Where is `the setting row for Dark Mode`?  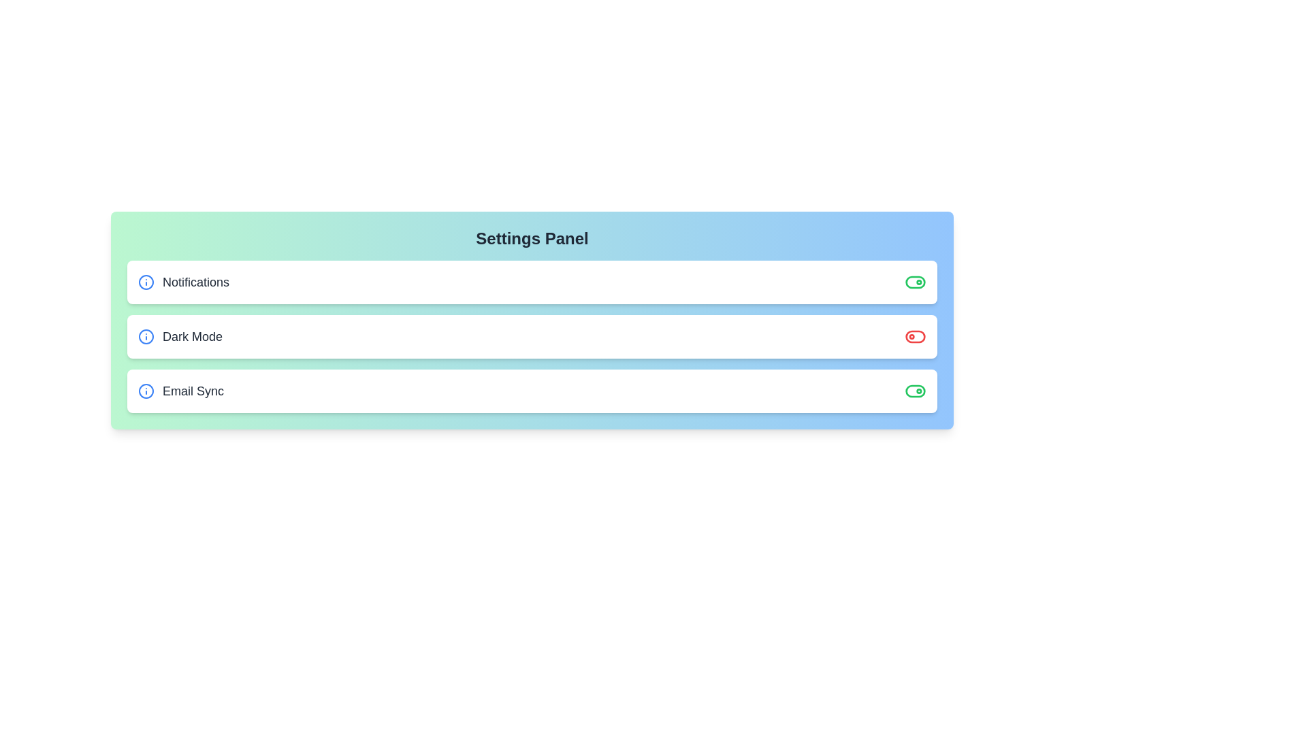
the setting row for Dark Mode is located at coordinates (532, 336).